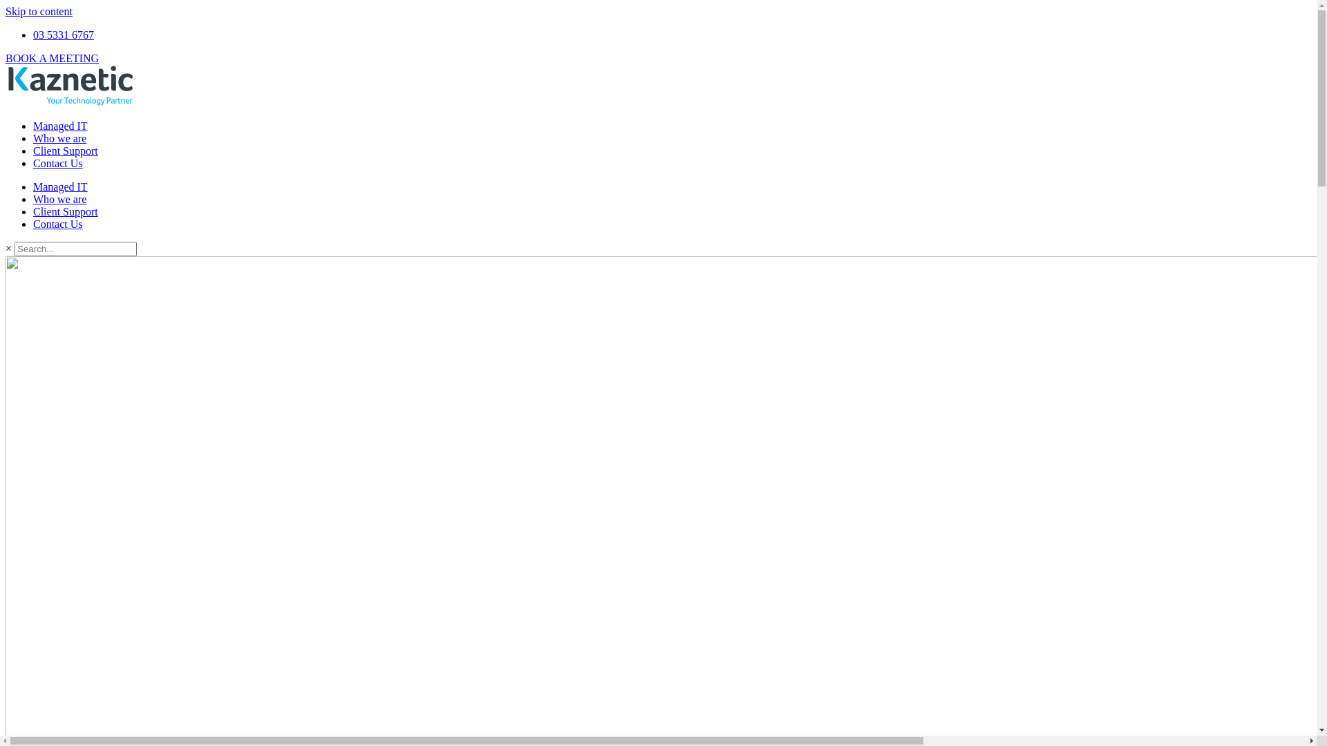 The image size is (1327, 746). Describe the element at coordinates (59, 186) in the screenshot. I see `'Managed IT'` at that location.